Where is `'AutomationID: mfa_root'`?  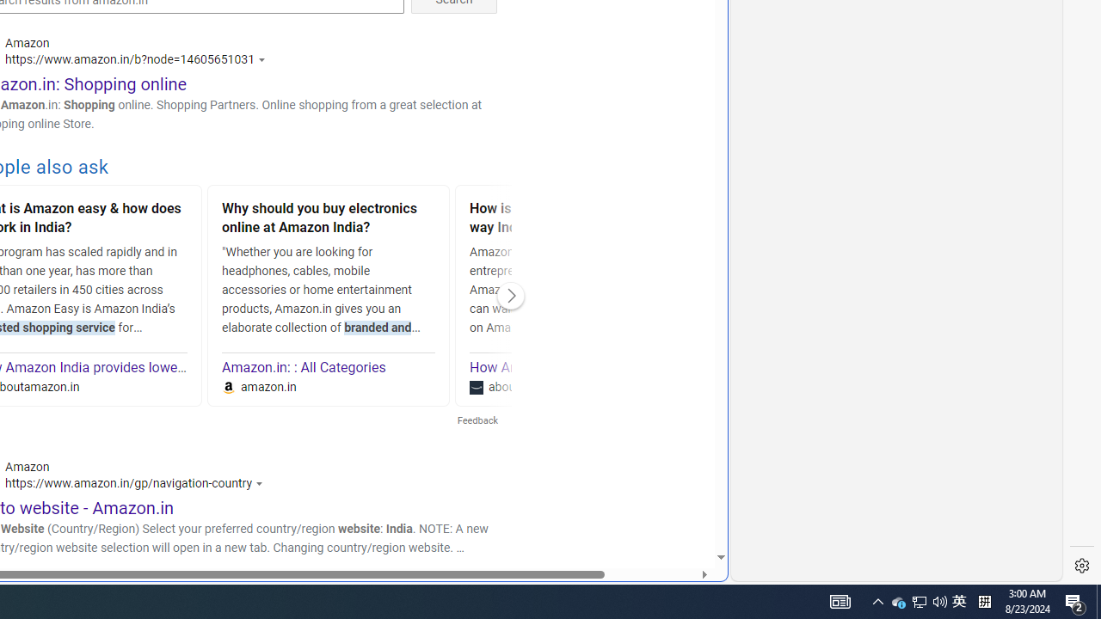 'AutomationID: mfa_root' is located at coordinates (655, 505).